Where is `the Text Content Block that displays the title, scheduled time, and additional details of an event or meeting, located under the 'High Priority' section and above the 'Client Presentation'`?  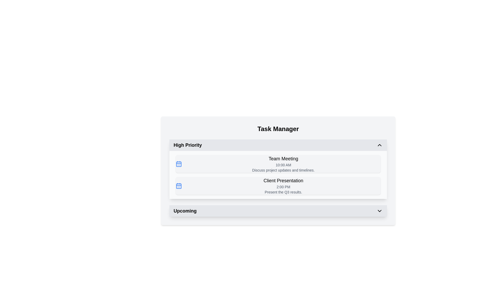
the Text Content Block that displays the title, scheduled time, and additional details of an event or meeting, located under the 'High Priority' section and above the 'Client Presentation' is located at coordinates (283, 164).